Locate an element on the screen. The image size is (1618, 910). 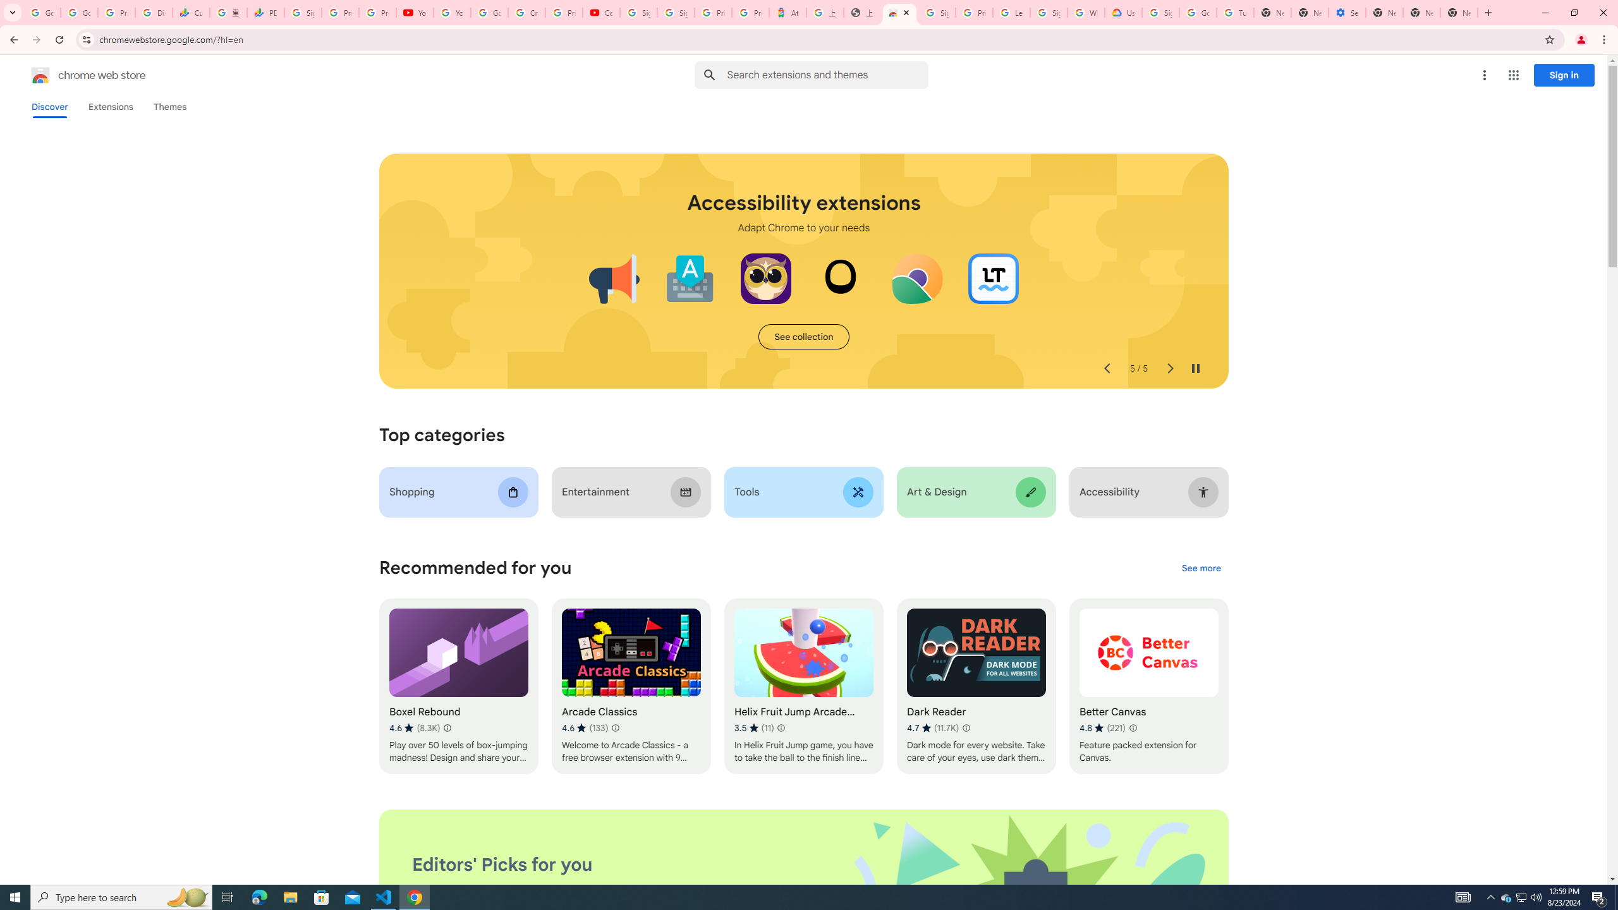
'Minimize' is located at coordinates (1544, 12).